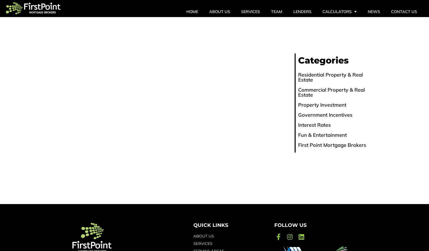 The height and width of the screenshot is (251, 429). What do you see at coordinates (250, 12) in the screenshot?
I see `'Services'` at bounding box center [250, 12].